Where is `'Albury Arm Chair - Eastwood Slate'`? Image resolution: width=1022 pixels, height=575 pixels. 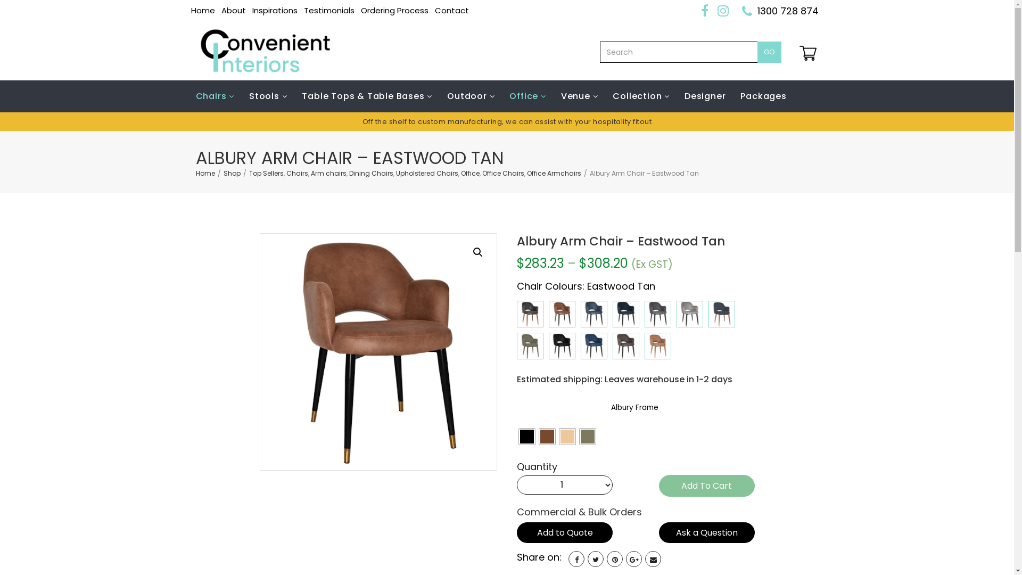
'Albury Arm Chair - Eastwood Slate' is located at coordinates (530, 314).